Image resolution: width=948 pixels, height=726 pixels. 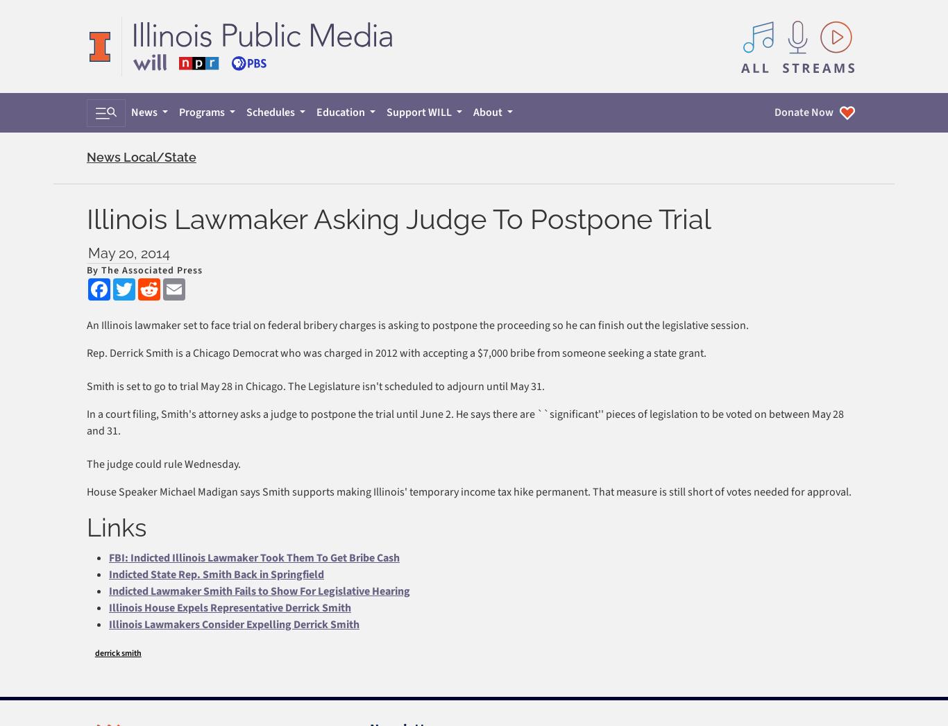 I want to click on 'Accessibility at Illinois', so click(x=135, y=459).